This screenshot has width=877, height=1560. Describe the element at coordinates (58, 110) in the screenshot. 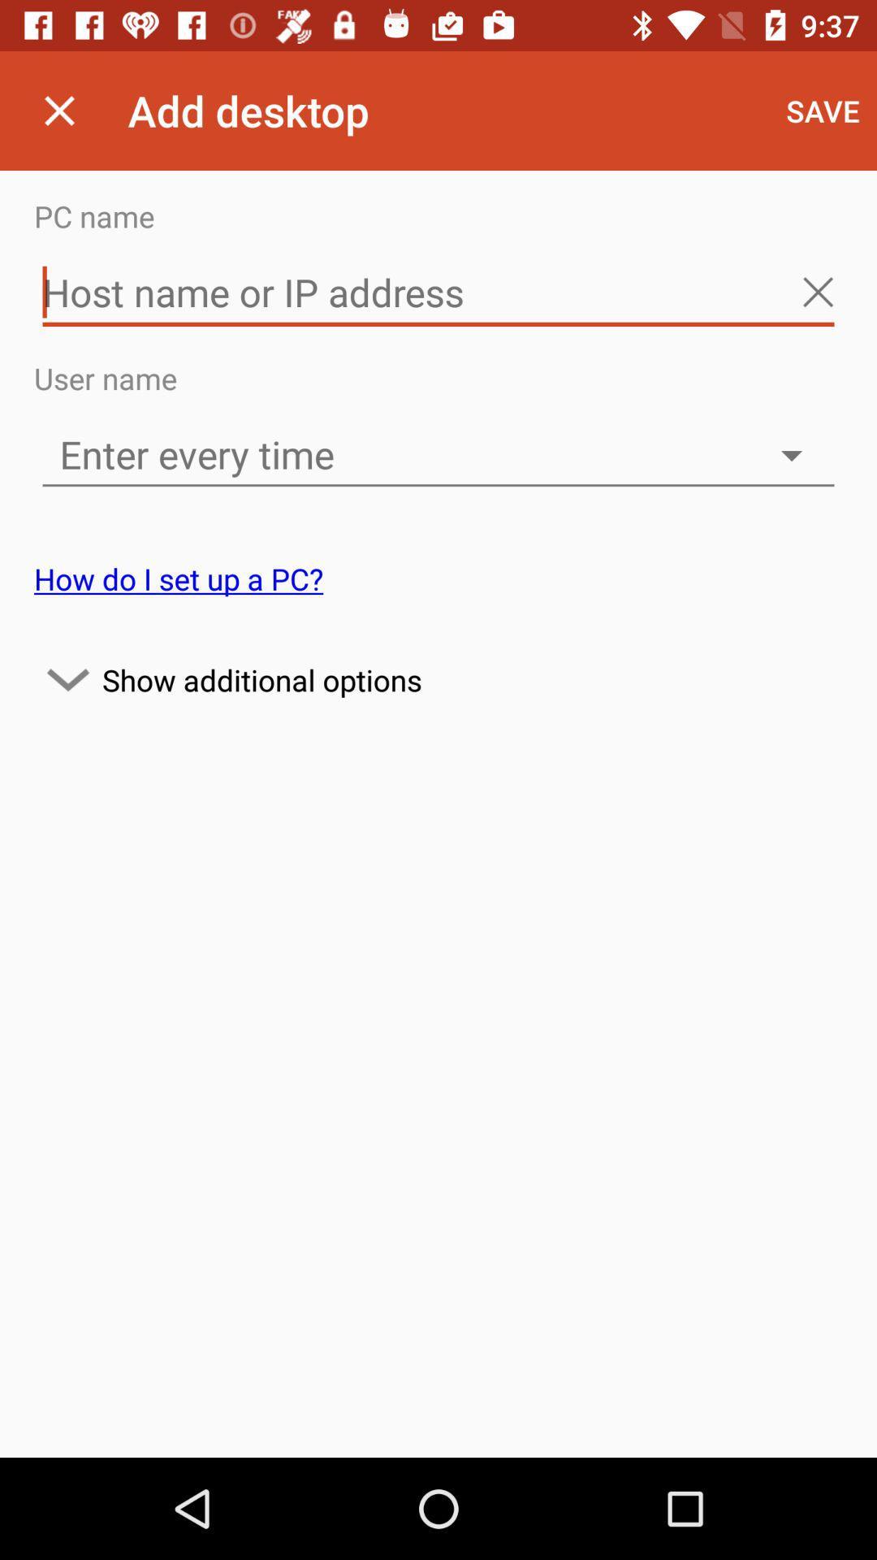

I see `the item to the left of the add desktop` at that location.